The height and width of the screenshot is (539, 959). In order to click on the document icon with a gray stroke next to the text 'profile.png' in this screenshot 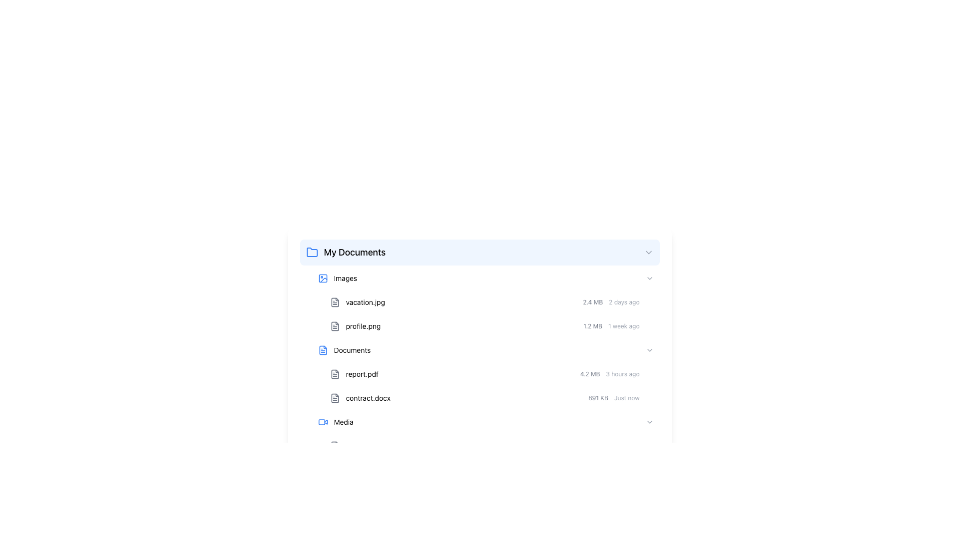, I will do `click(335, 326)`.